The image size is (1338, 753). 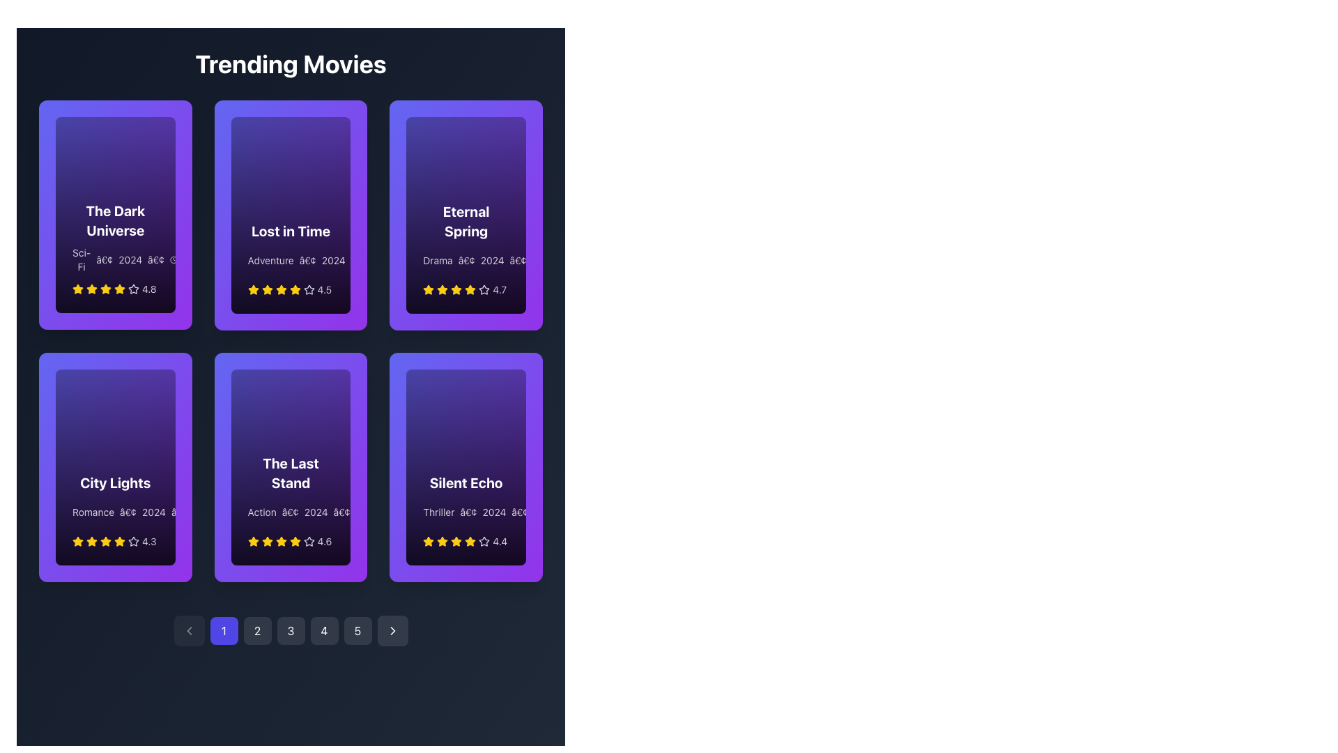 What do you see at coordinates (253, 540) in the screenshot?
I see `the star rating icon in the movie rating section for 'The Last Stand', which is located in the second row and second column of the grid layout` at bounding box center [253, 540].